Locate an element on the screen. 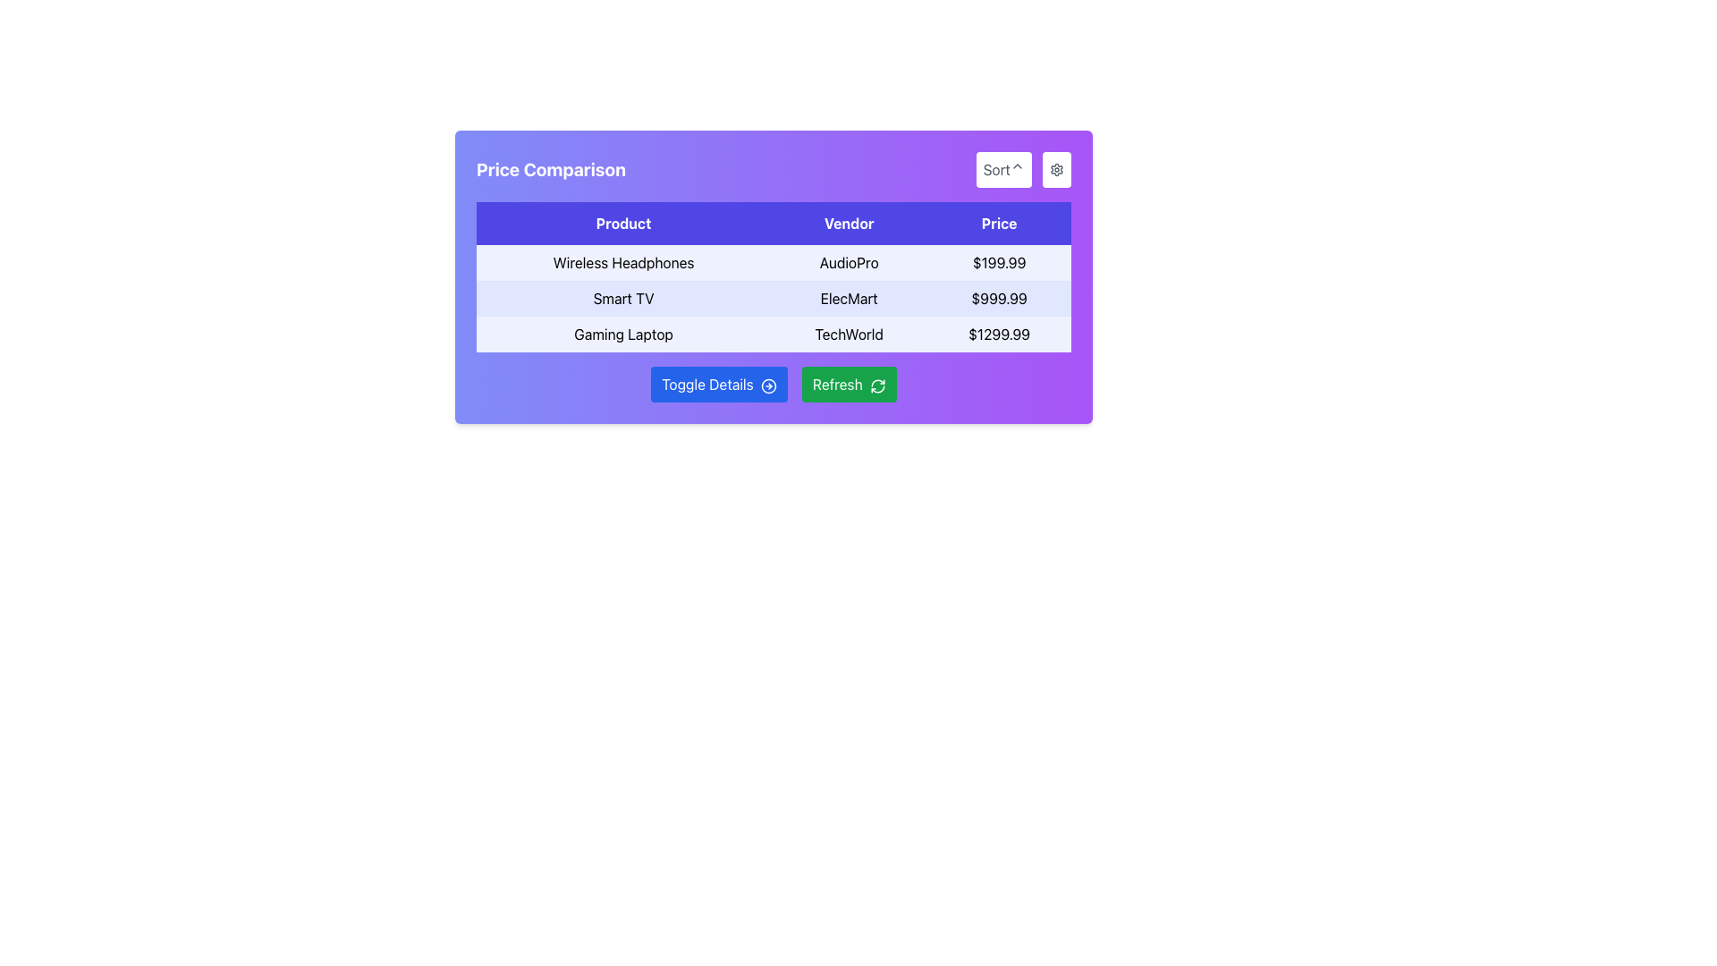 The width and height of the screenshot is (1717, 966). the settings button located in the top-right corner of the card interface, adjacent to the 'Sort' button is located at coordinates (1056, 169).